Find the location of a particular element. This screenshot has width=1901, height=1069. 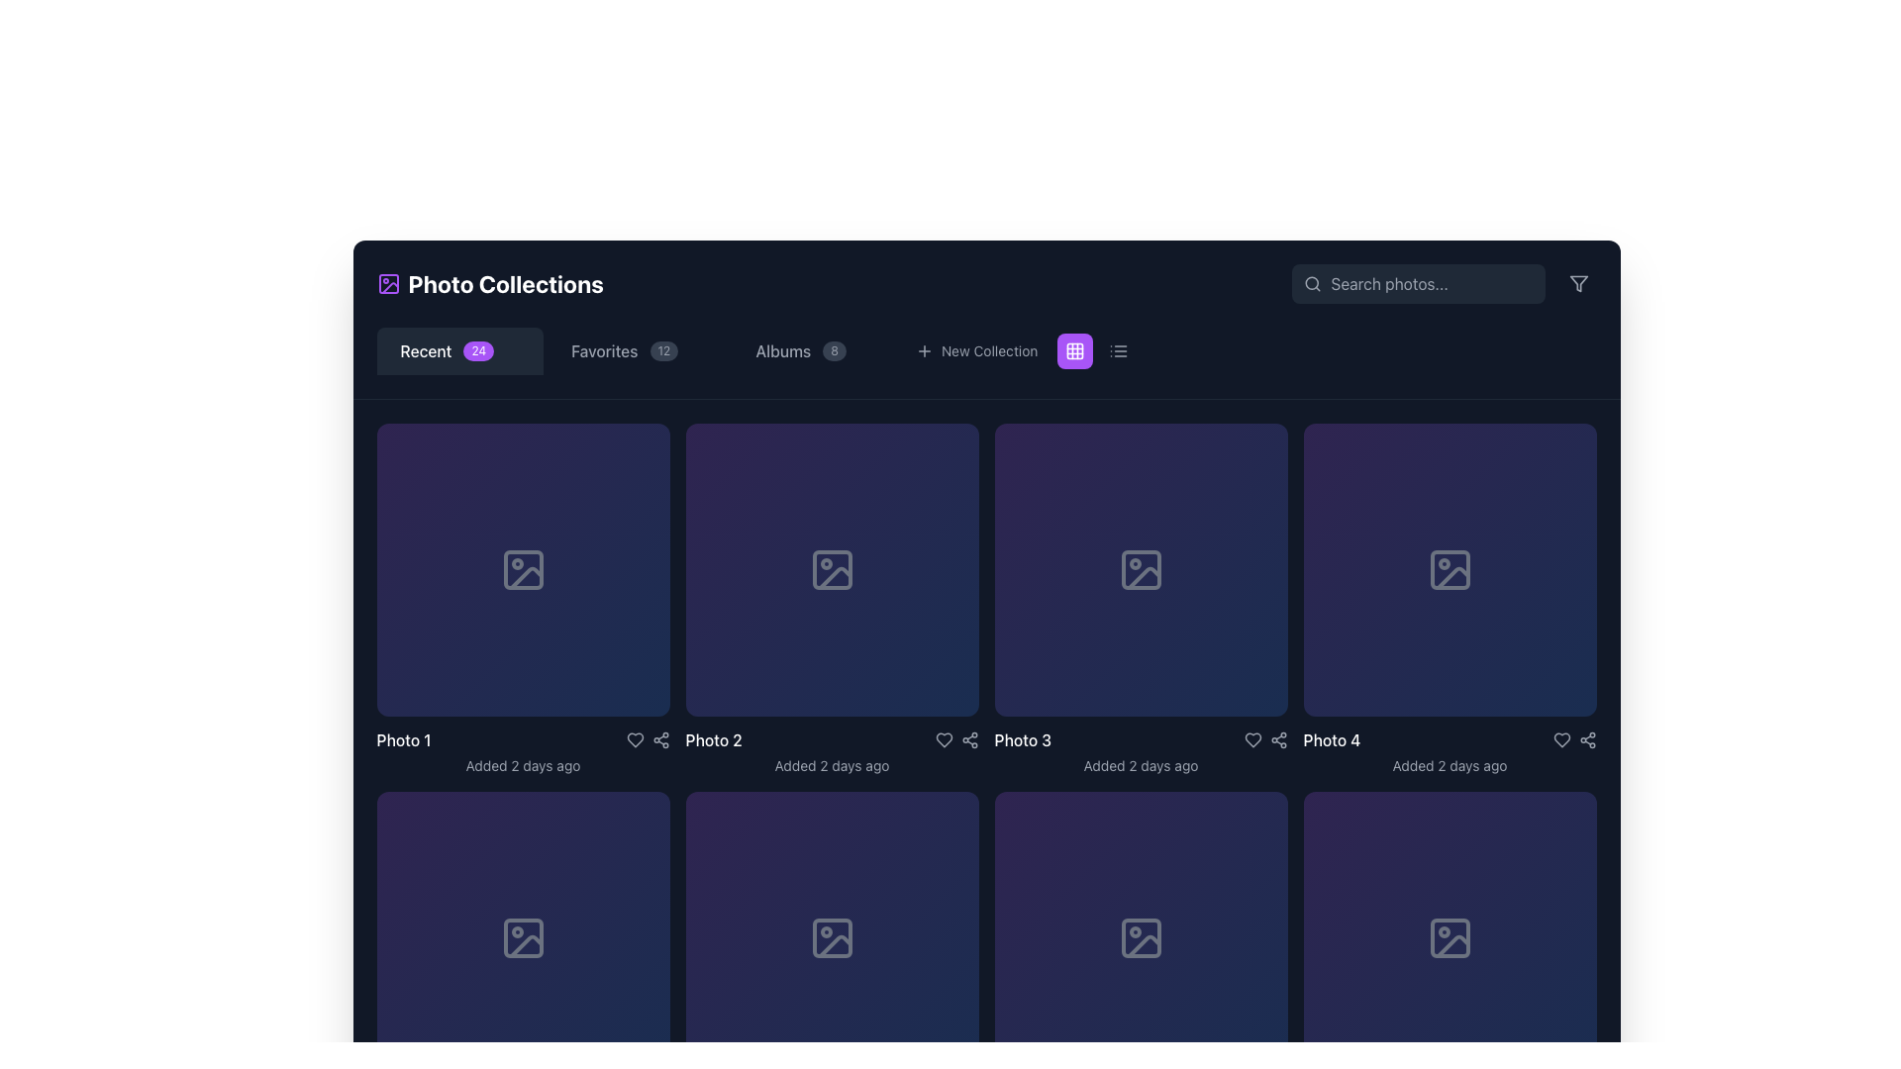

the 'New Collection' button with the '+' icon to trigger style changes is located at coordinates (976, 349).